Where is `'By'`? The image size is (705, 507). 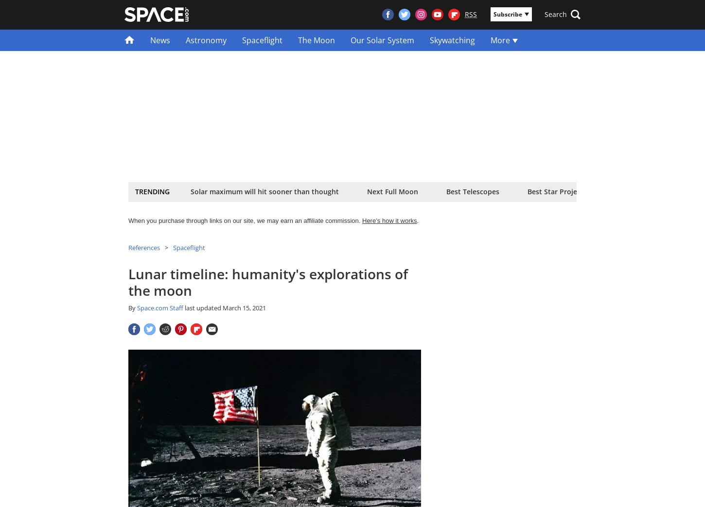
'By' is located at coordinates (133, 308).